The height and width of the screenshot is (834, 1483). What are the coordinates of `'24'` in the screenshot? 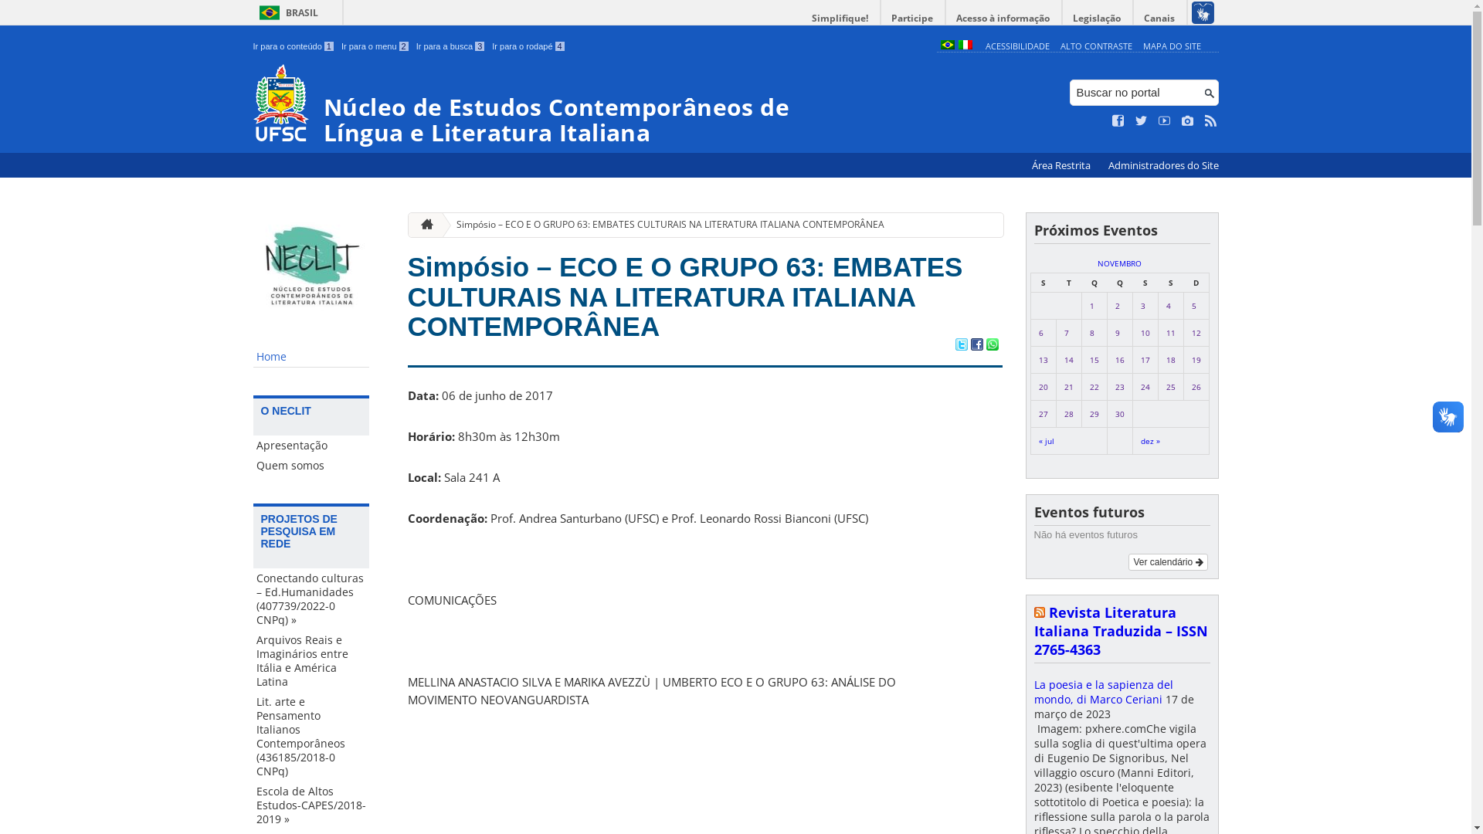 It's located at (1145, 386).